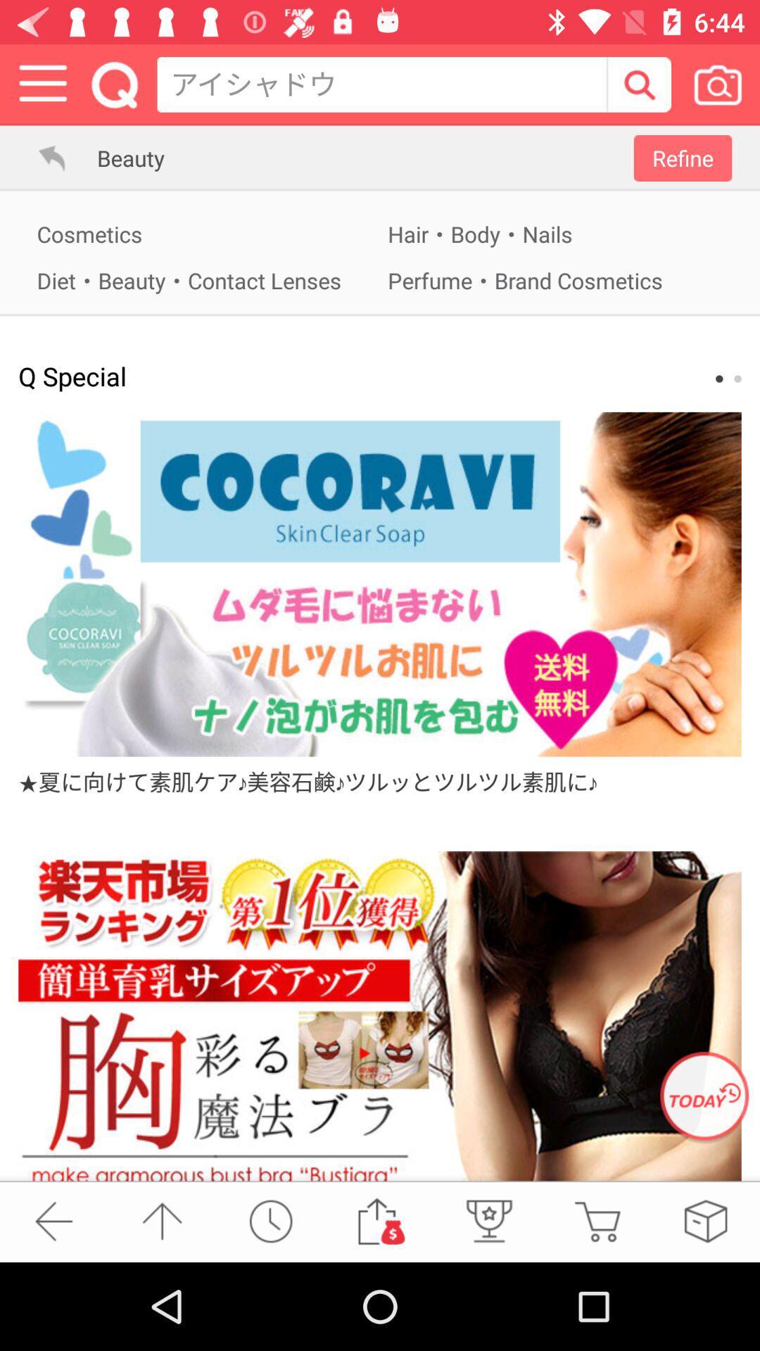 This screenshot has height=1351, width=760. Describe the element at coordinates (597, 1220) in the screenshot. I see `the cart icon` at that location.